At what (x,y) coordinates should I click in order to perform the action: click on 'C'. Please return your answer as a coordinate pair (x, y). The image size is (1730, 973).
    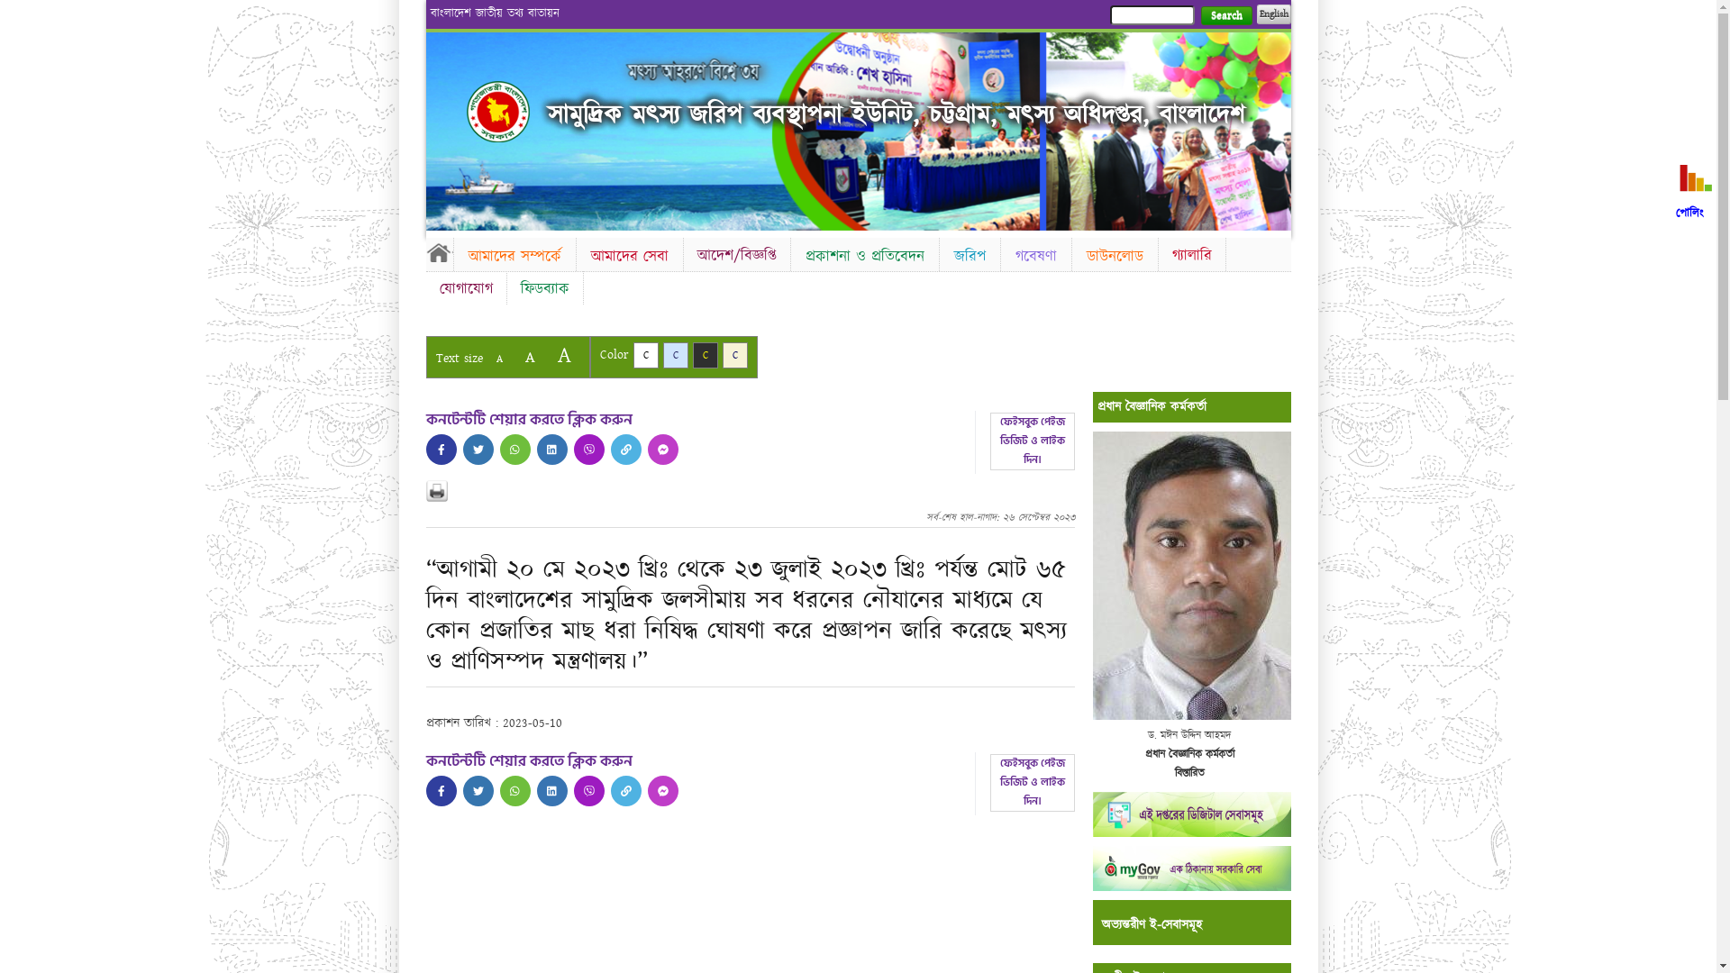
    Looking at the image, I should click on (674, 355).